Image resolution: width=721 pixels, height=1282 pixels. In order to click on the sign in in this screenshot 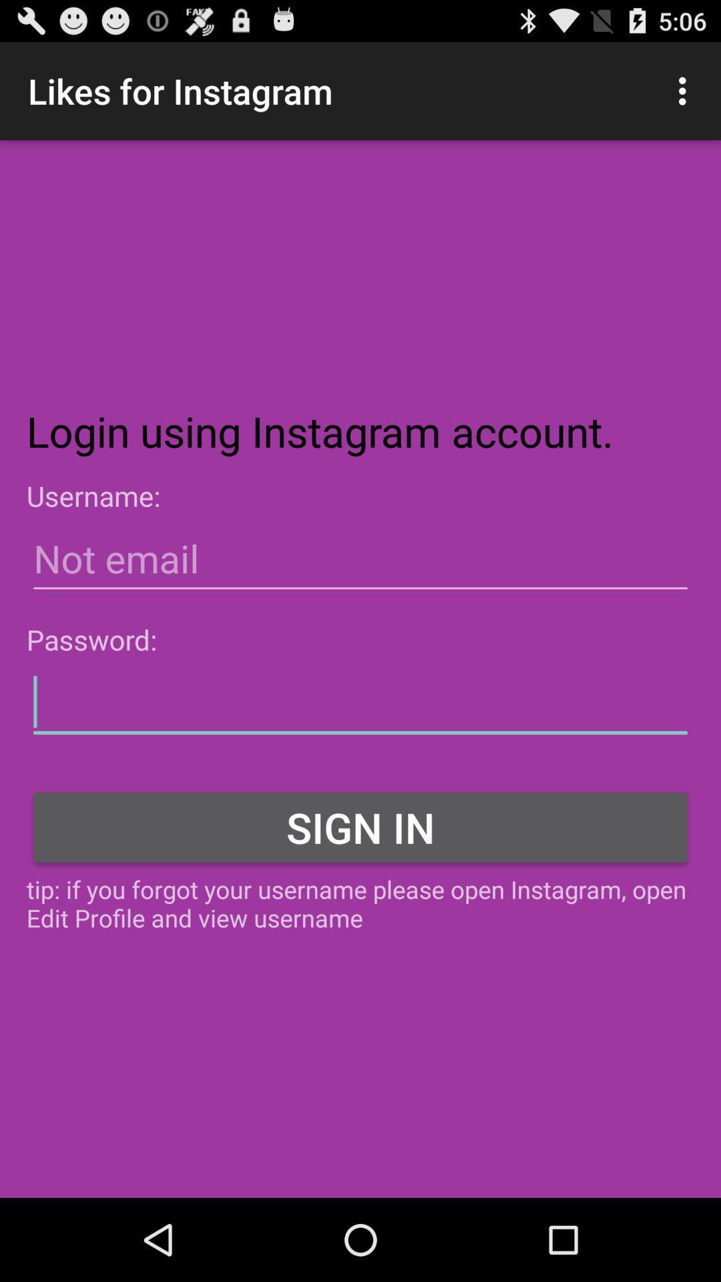, I will do `click(360, 826)`.